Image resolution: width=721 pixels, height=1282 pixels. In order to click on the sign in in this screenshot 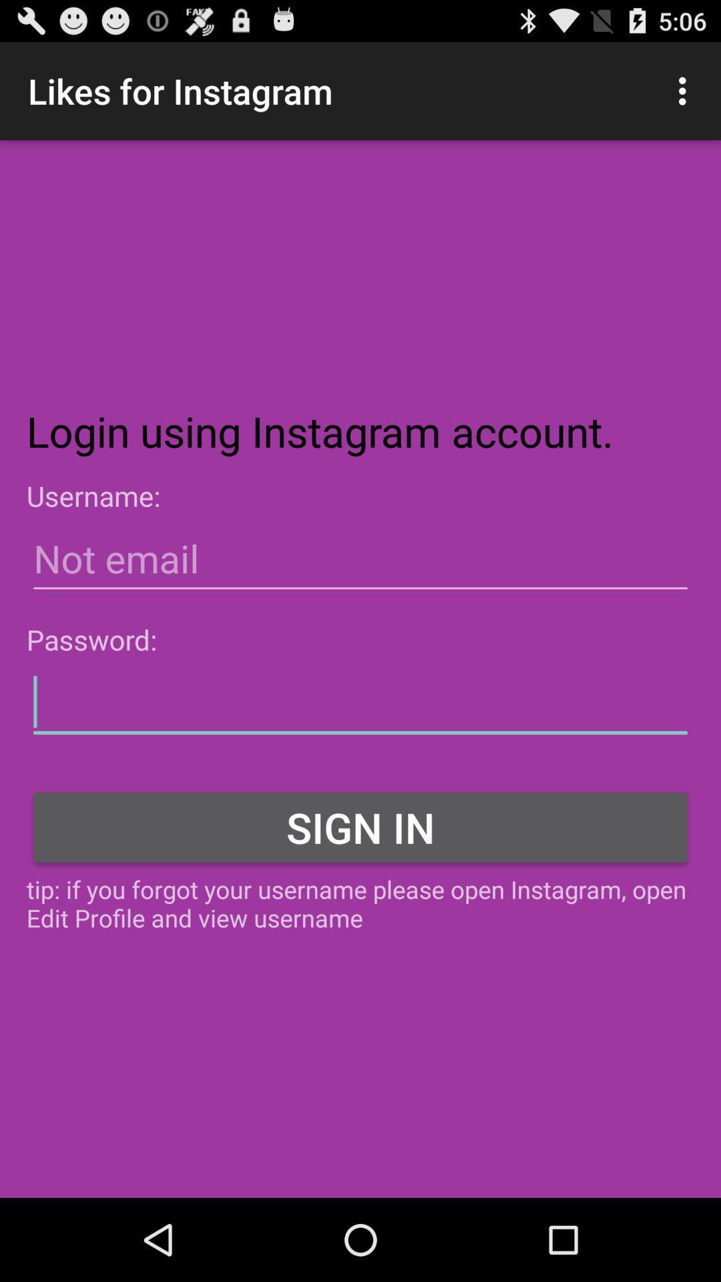, I will do `click(360, 826)`.